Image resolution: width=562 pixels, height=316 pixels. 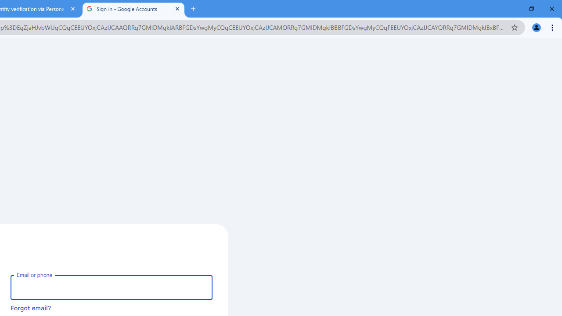 I want to click on 'Sign in - Google Accounts', so click(x=133, y=9).